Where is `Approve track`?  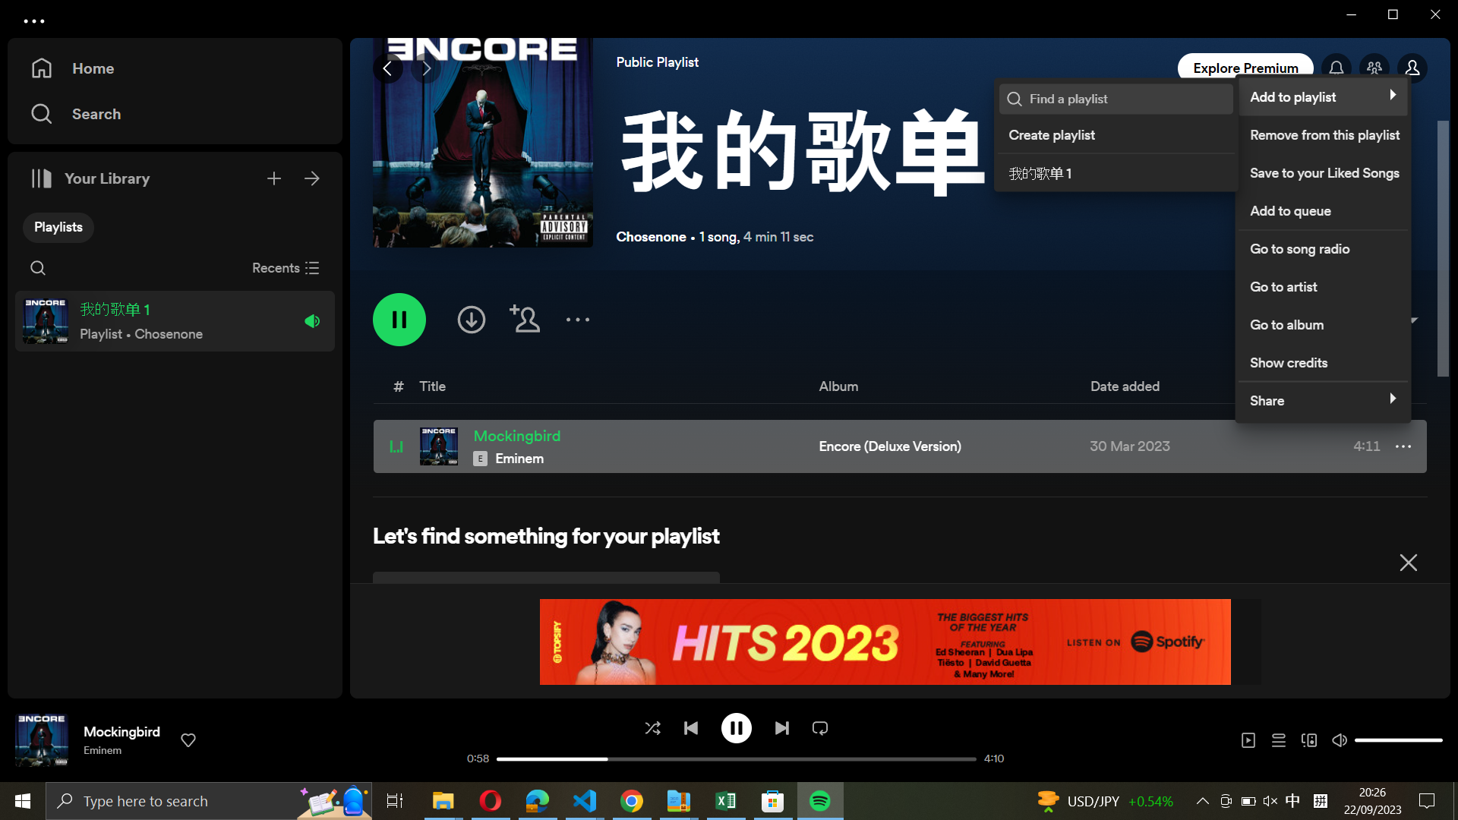
Approve track is located at coordinates (188, 739).